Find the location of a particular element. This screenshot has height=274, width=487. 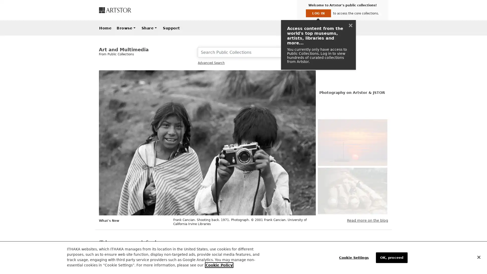

Cookie Settings is located at coordinates (355, 257).